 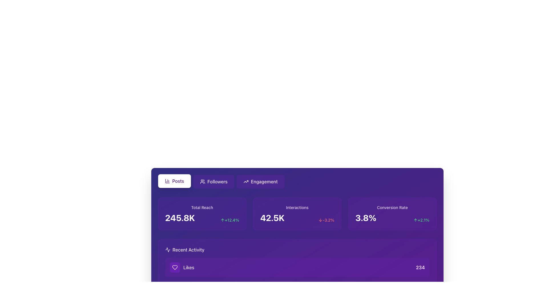 I want to click on the upward-pointing green arrow icon associated with the '+12.4%' text in the 'Total Reach' section of the interface, so click(x=222, y=220).